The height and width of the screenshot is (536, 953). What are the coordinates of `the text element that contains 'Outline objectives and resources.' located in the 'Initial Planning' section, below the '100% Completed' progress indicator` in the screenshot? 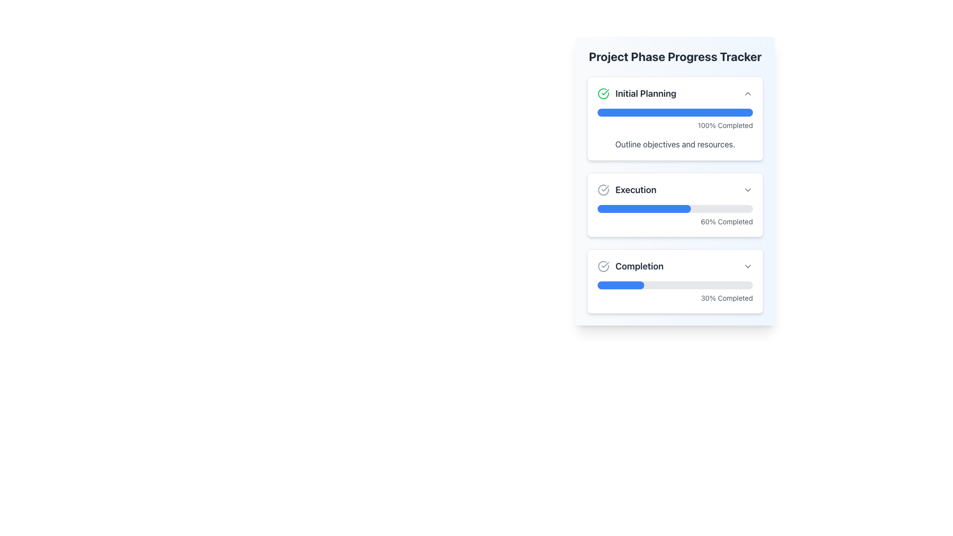 It's located at (675, 144).